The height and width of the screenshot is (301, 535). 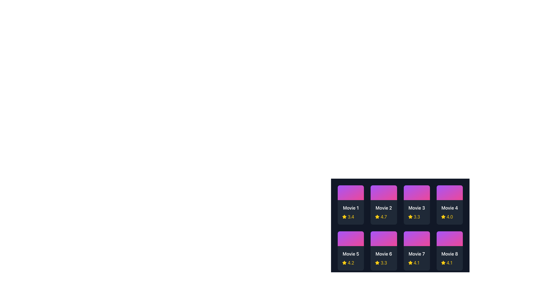 I want to click on the yellow star-shaped icon indicating the rating value for 'Movie 3', located below the movie title and to the left of the rating value '3.3', so click(x=410, y=217).